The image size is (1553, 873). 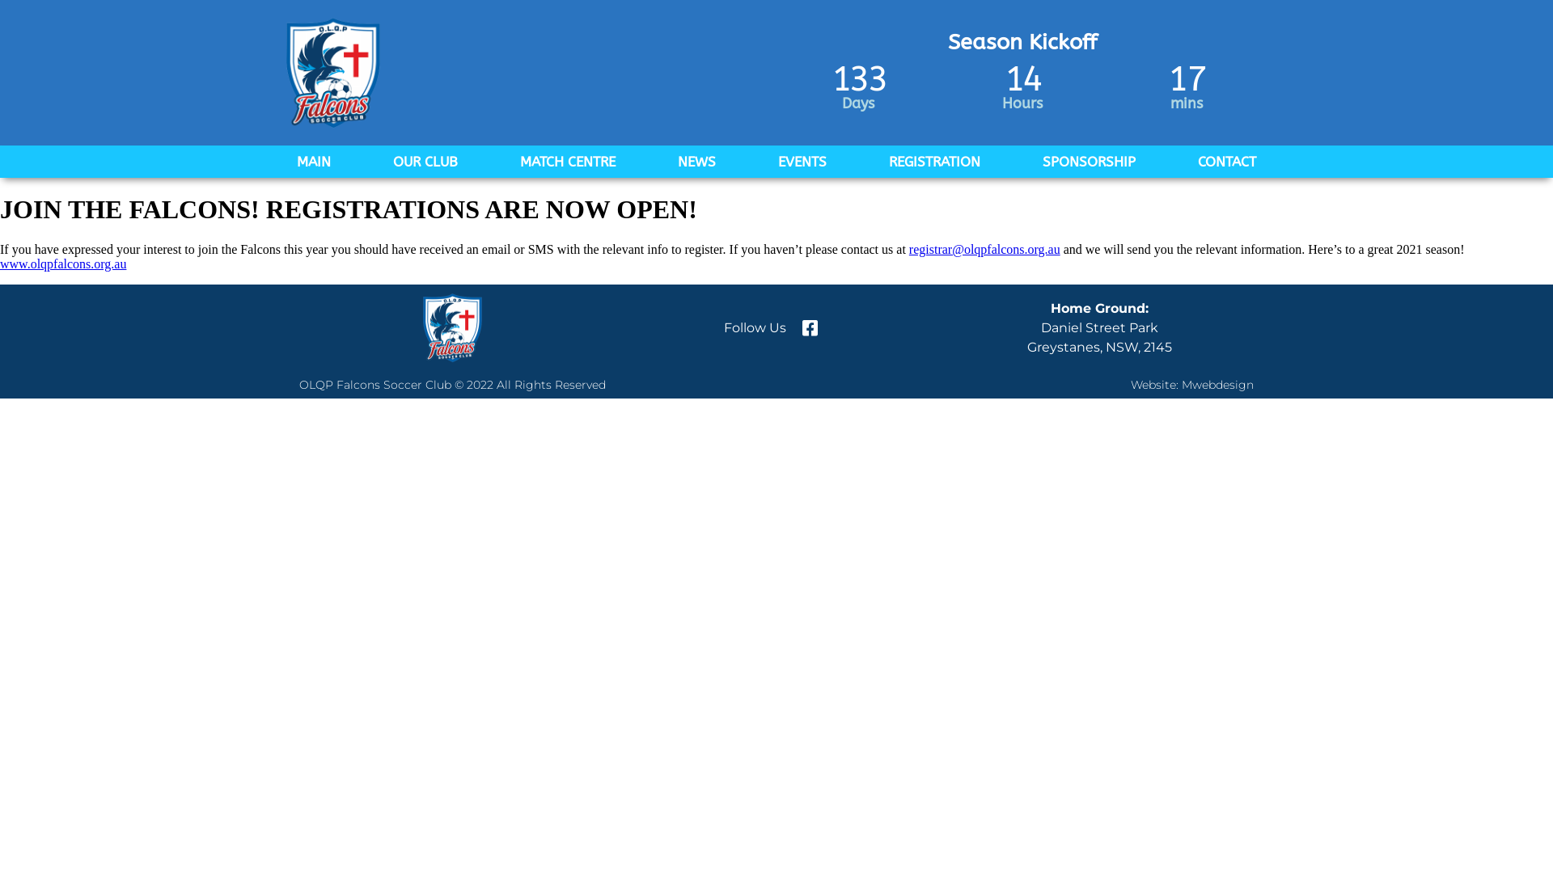 I want to click on 'CONTACT', so click(x=1226, y=162).